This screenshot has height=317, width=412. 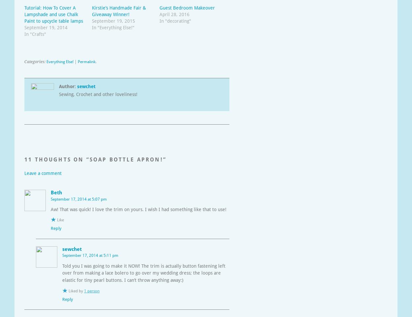 I want to click on 'Liked by', so click(x=76, y=290).